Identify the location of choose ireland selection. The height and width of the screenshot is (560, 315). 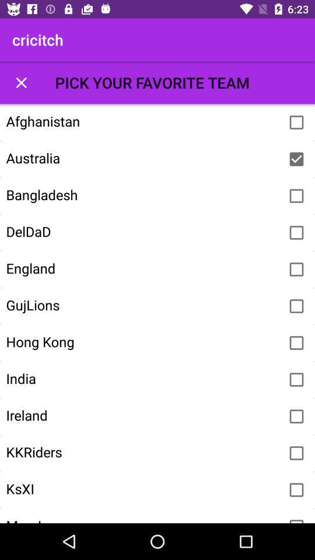
(296, 416).